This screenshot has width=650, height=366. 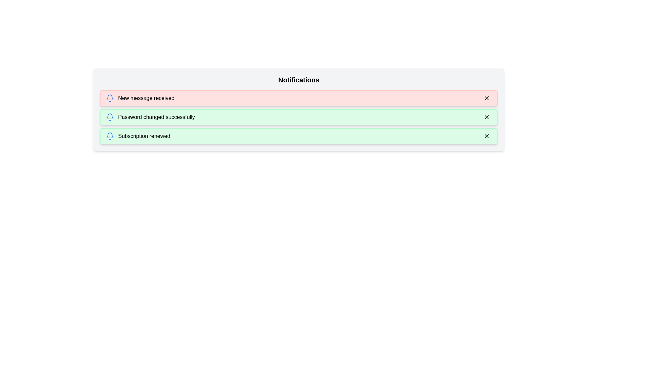 What do you see at coordinates (486, 98) in the screenshot?
I see `the small diagonal cross-shaped 'X' icon used for closing the notification in the topmost red banner indicating 'New message received'` at bounding box center [486, 98].